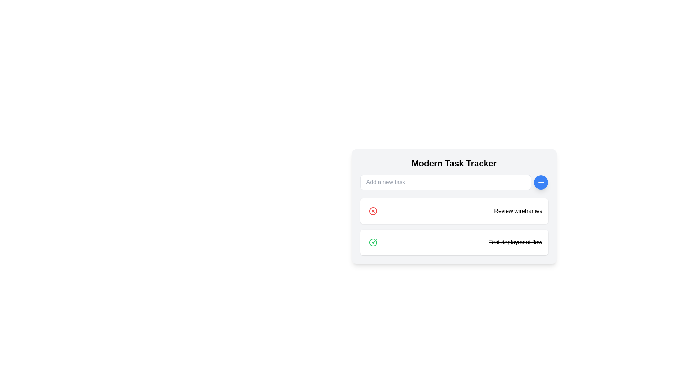 The width and height of the screenshot is (683, 384). Describe the element at coordinates (372, 242) in the screenshot. I see `the interactive check icon located on the left within the task item below 'Review wireframes' and adjacent to 'Test deployment flow' which is styled with strikethrough text` at that location.